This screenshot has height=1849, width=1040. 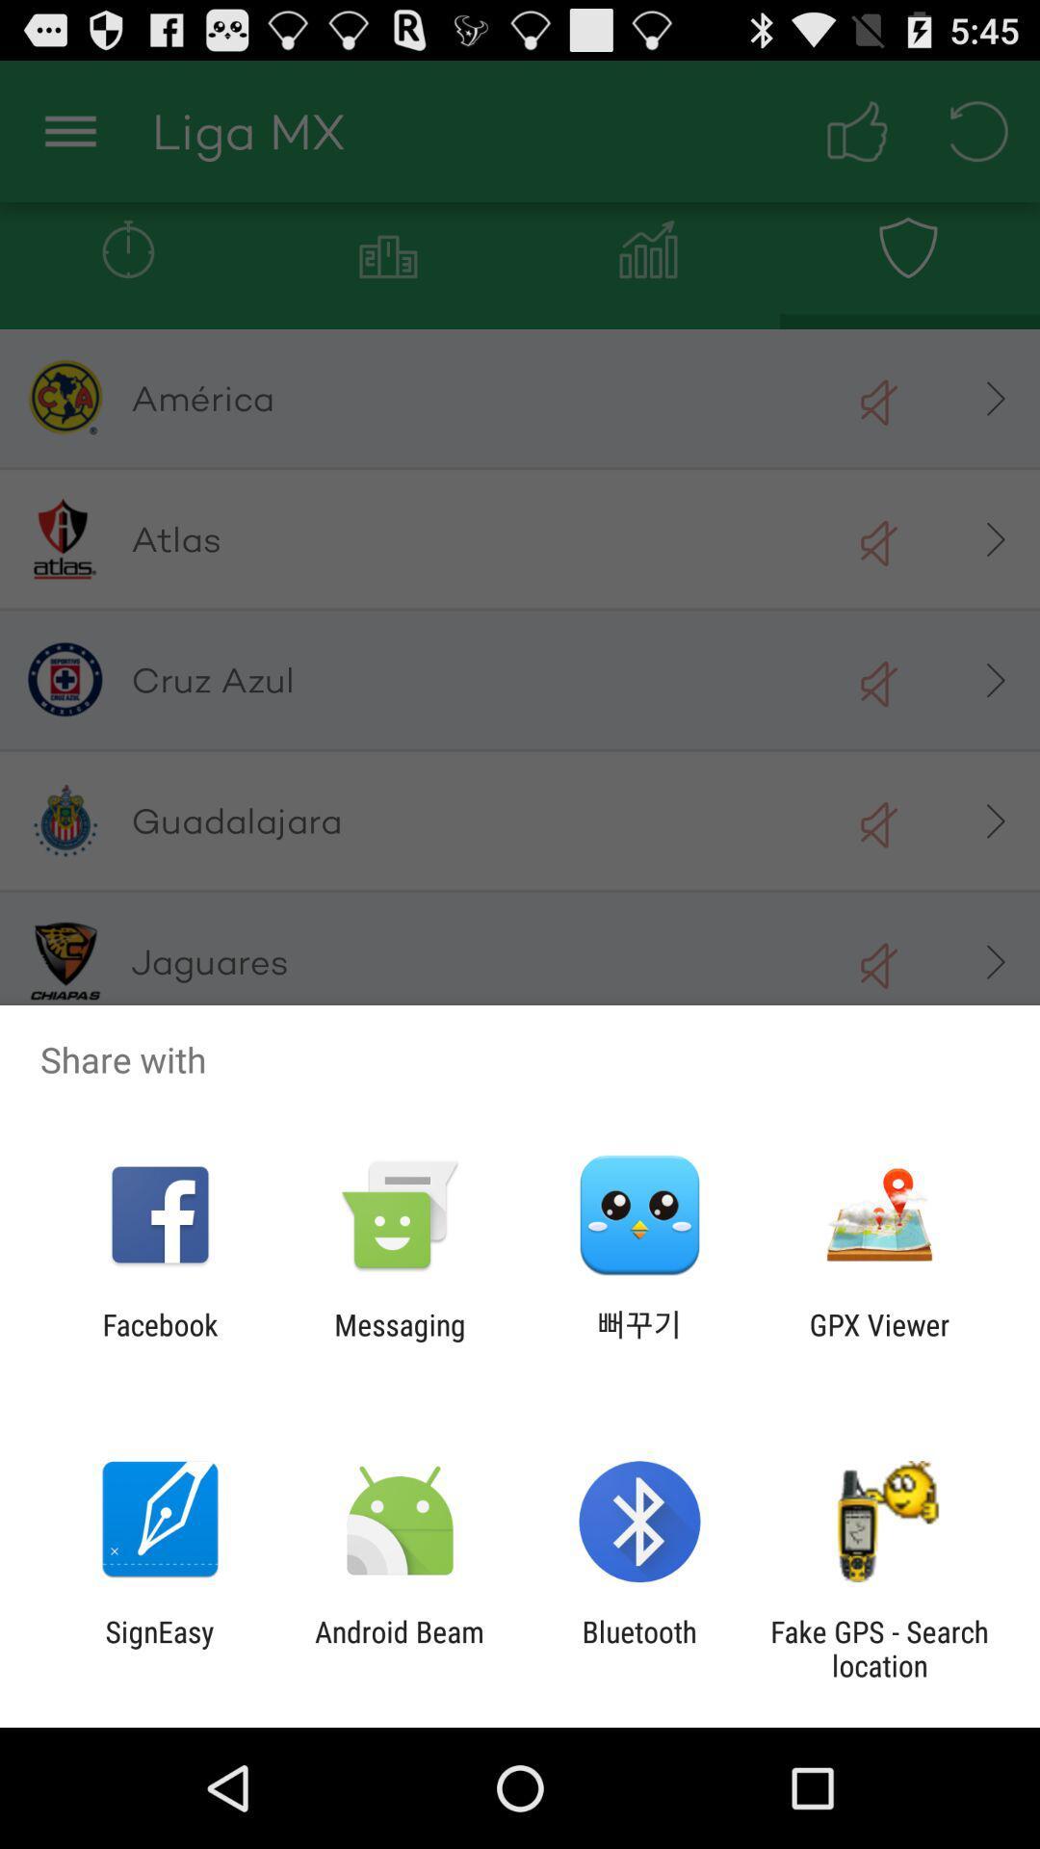 I want to click on the app to the right of signeasy, so click(x=399, y=1648).